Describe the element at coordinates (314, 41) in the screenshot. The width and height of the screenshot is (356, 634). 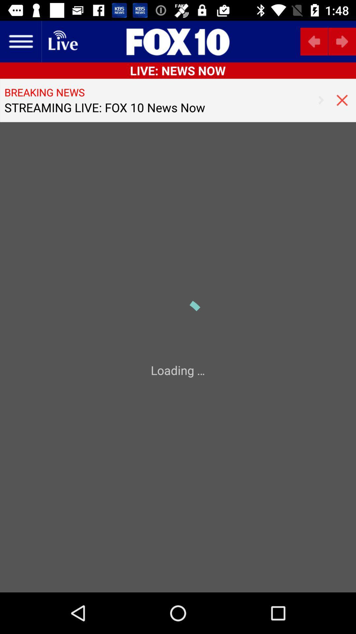
I see `the arrow_backward icon` at that location.